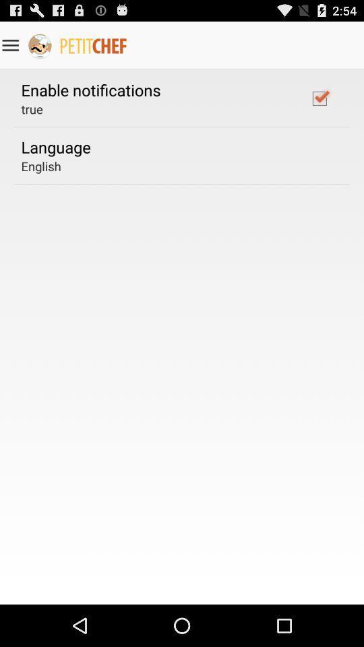 The image size is (364, 647). Describe the element at coordinates (55, 147) in the screenshot. I see `the language item` at that location.